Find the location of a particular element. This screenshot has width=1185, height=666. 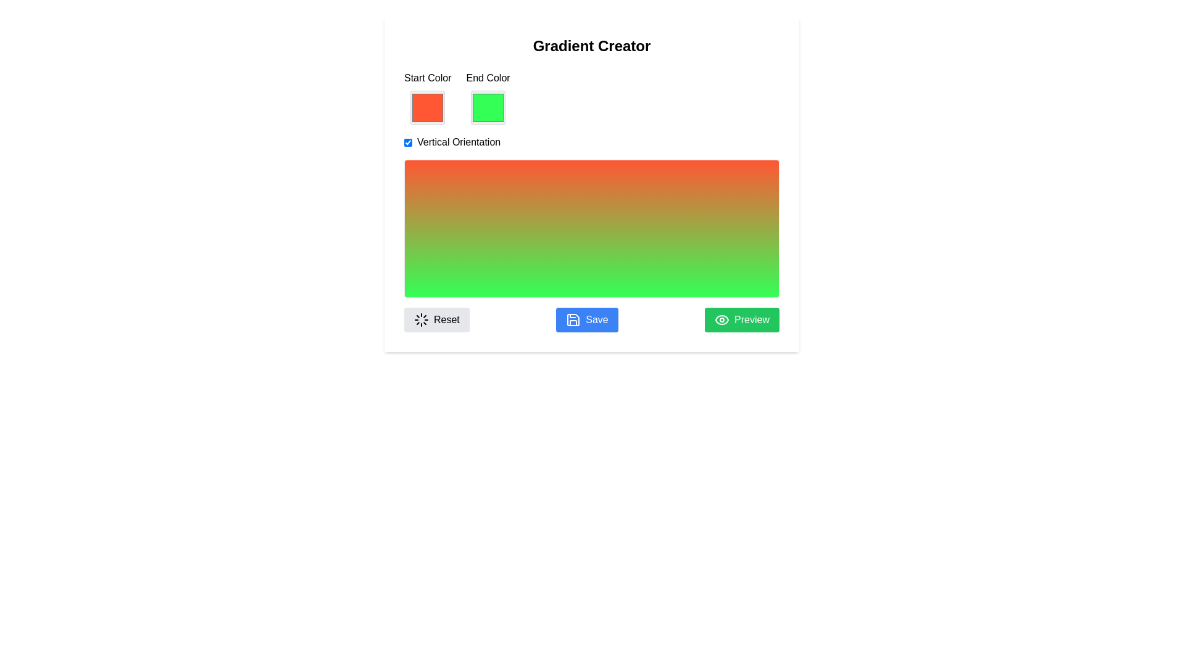

the static visual display with a gradient background transitioning from red to green, located below the 'Vertical Orientation' section and above the 'Reset', 'Save', and 'Preview' buttons is located at coordinates (591, 228).